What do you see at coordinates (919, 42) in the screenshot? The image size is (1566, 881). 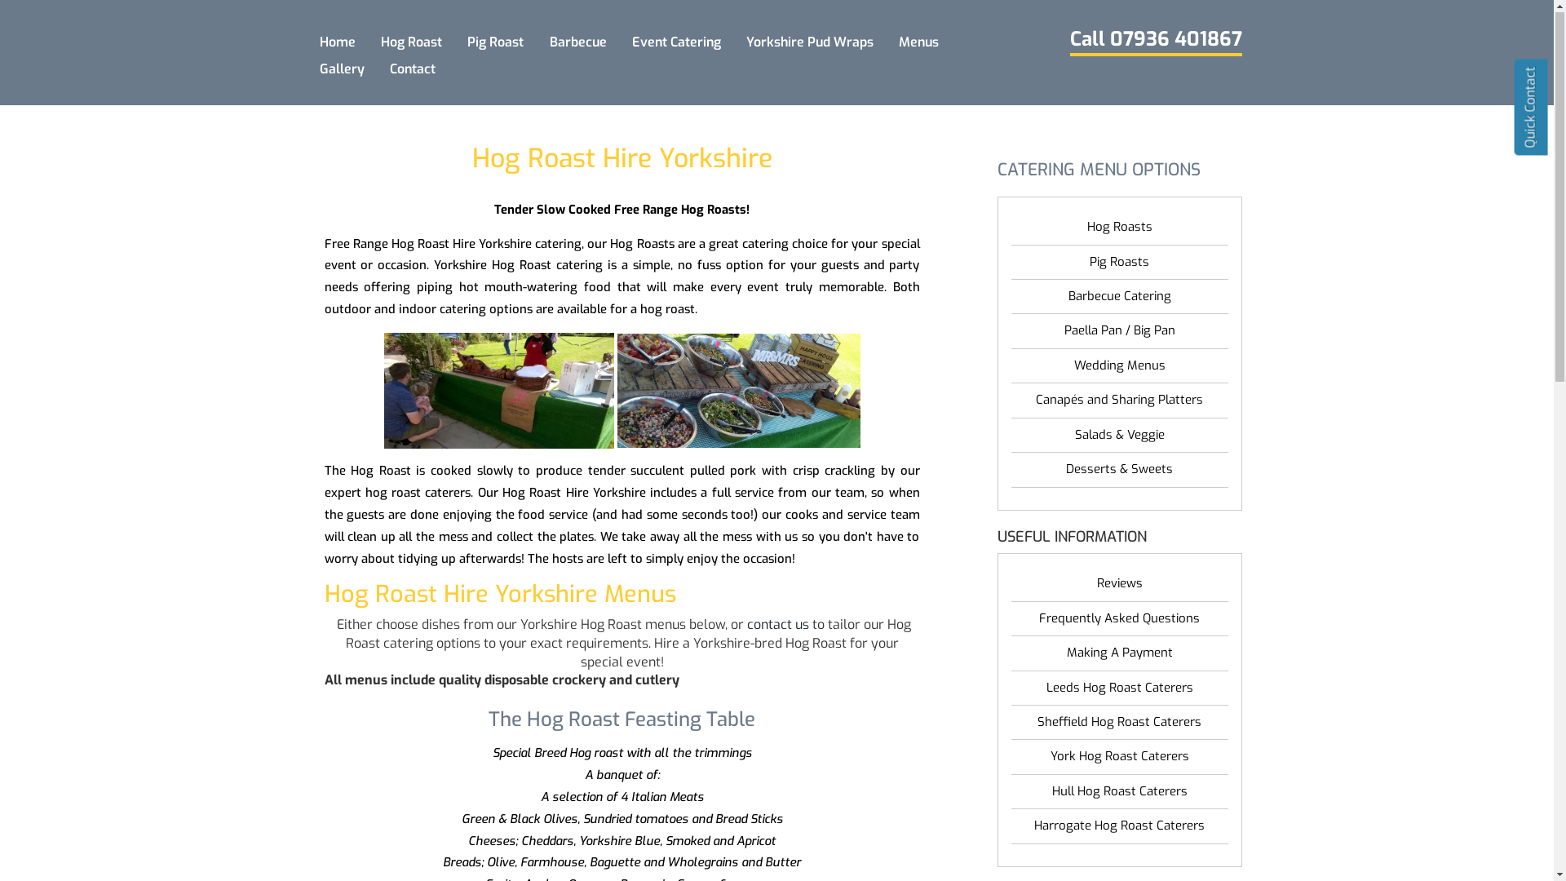 I see `'Menus'` at bounding box center [919, 42].